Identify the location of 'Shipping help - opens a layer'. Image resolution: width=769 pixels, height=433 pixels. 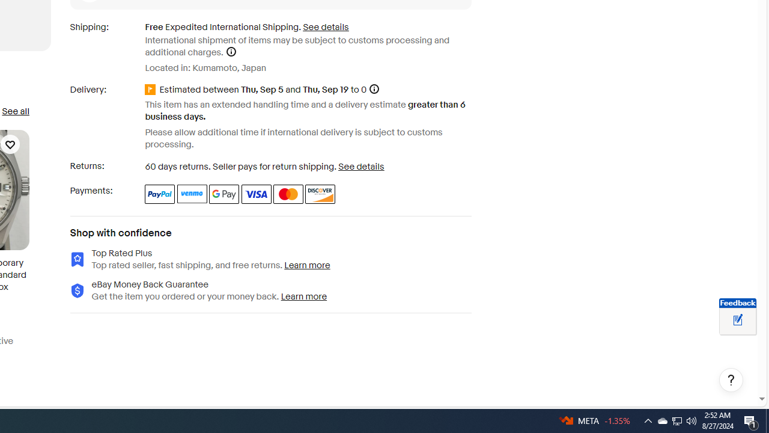
(231, 51).